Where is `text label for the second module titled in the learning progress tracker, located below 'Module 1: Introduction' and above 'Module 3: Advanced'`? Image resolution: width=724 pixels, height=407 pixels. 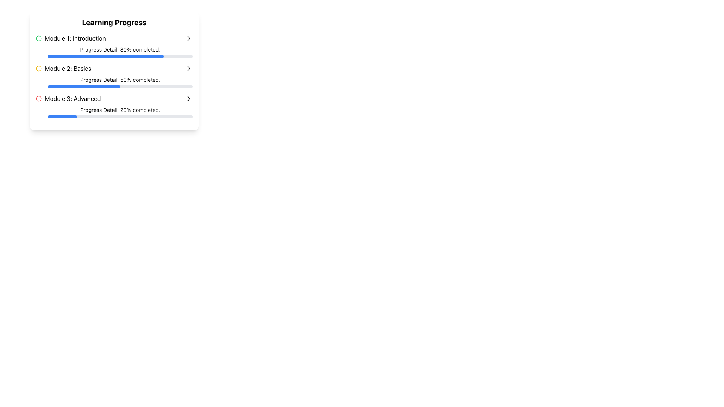 text label for the second module titled in the learning progress tracker, located below 'Module 1: Introduction' and above 'Module 3: Advanced' is located at coordinates (63, 68).